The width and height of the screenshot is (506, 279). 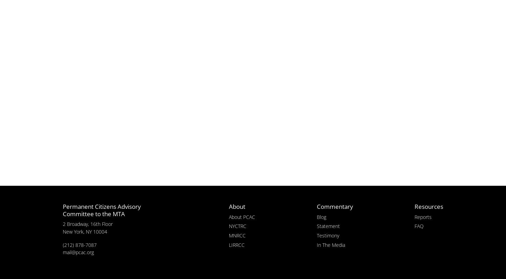 I want to click on 'Statement', so click(x=328, y=226).